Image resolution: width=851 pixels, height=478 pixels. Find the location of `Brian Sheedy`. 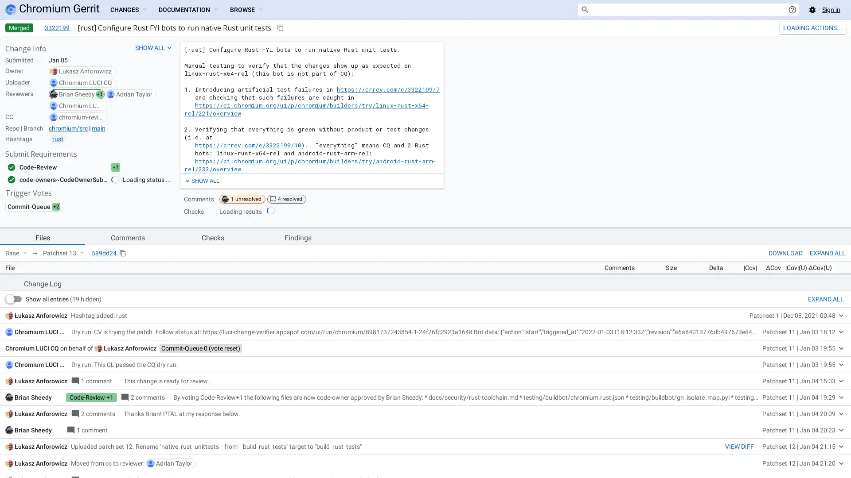

Brian Sheedy is located at coordinates (77, 94).